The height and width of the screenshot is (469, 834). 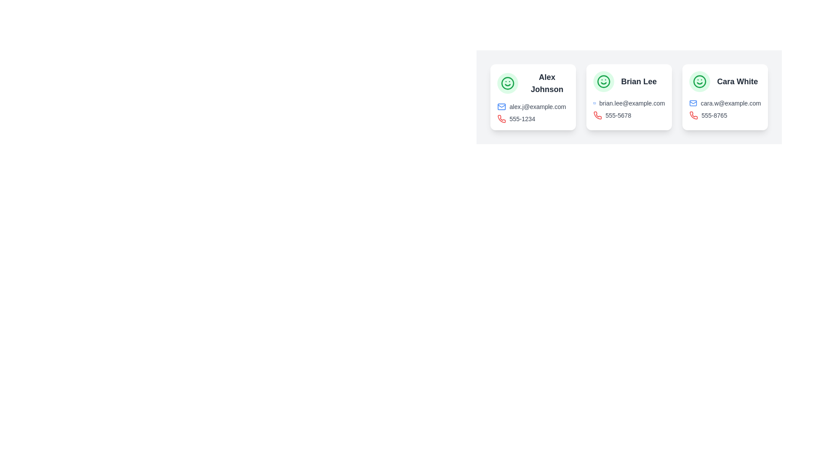 I want to click on displayed text 'Alex Johnson' from the bold text label located in the top right of the leftmost card, adjacent to the green smiley face icon, so click(x=533, y=83).